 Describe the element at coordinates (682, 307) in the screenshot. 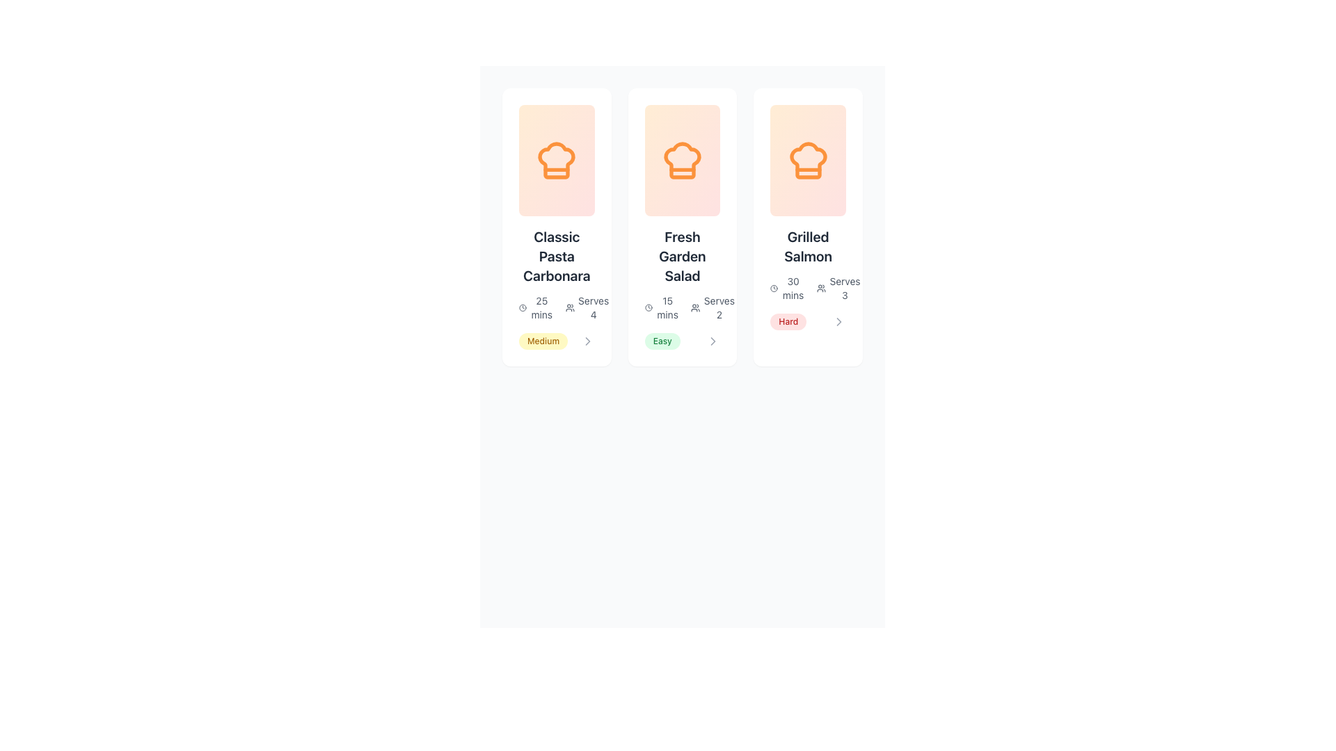

I see `the informational block that displays the estimated preparation time and number of servings for the 'Fresh Garden Salad' recipe` at that location.